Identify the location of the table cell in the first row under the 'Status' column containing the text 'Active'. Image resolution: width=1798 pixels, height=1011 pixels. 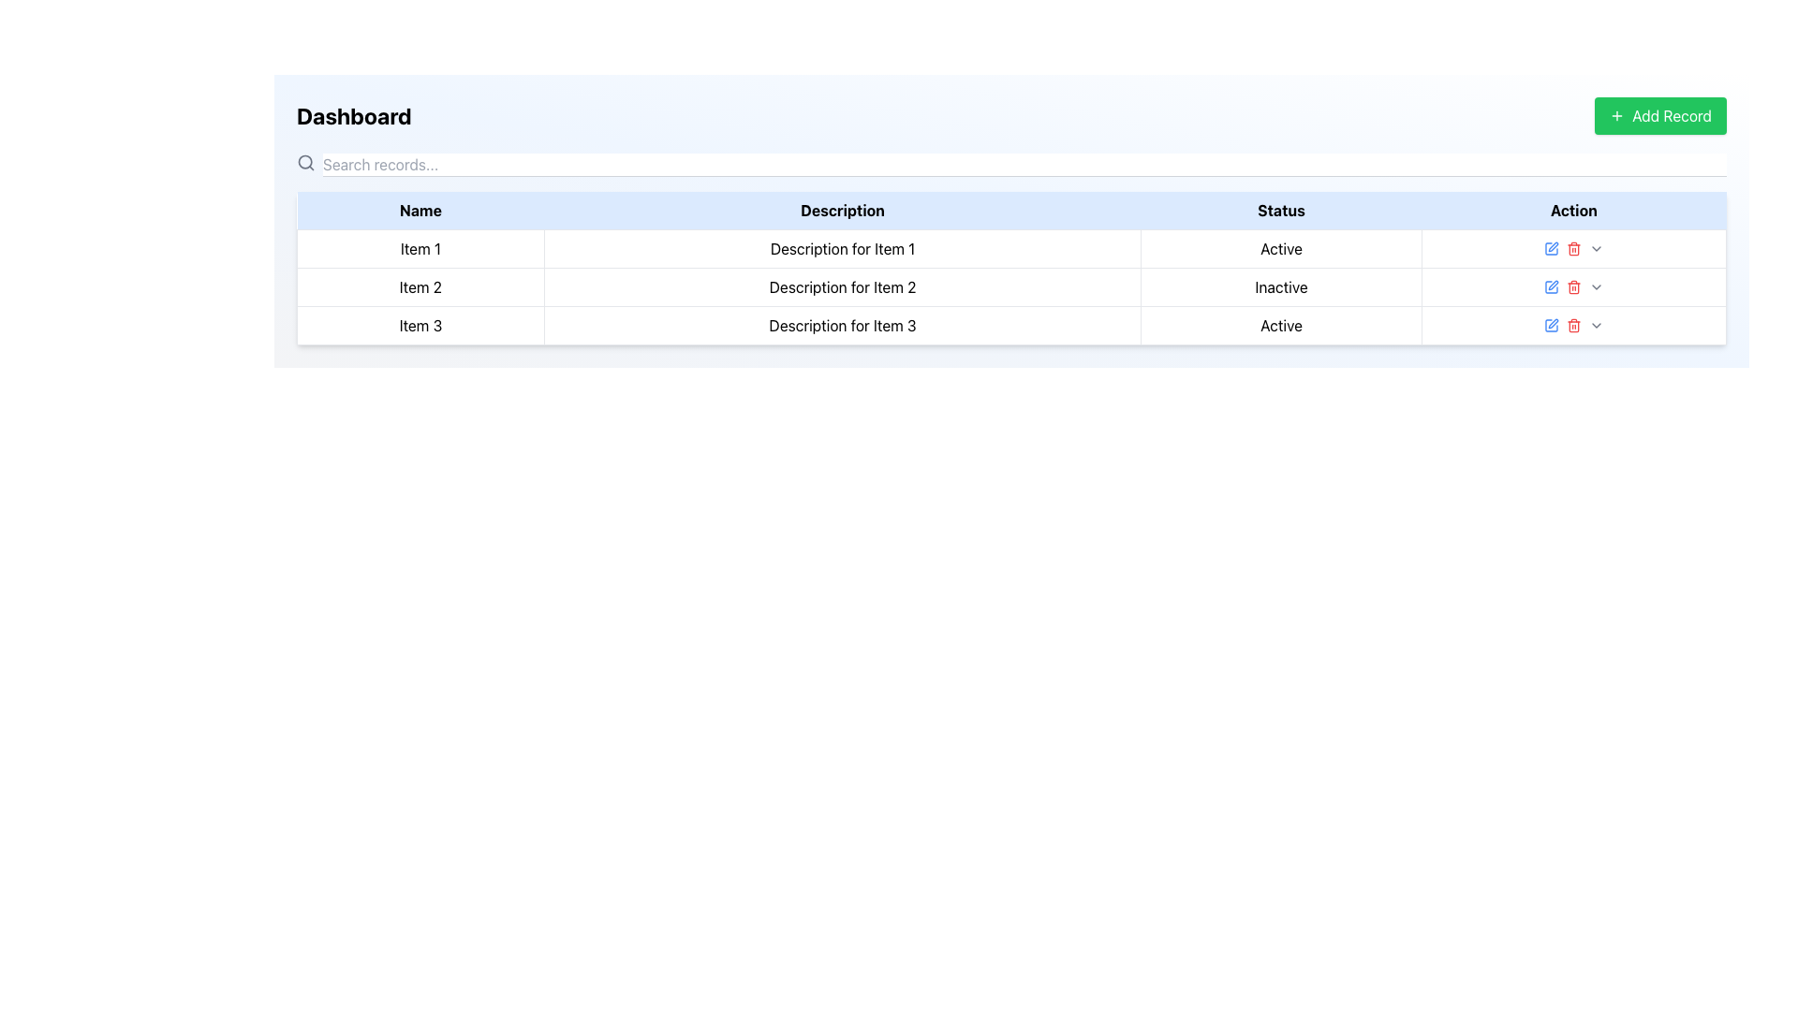
(1280, 248).